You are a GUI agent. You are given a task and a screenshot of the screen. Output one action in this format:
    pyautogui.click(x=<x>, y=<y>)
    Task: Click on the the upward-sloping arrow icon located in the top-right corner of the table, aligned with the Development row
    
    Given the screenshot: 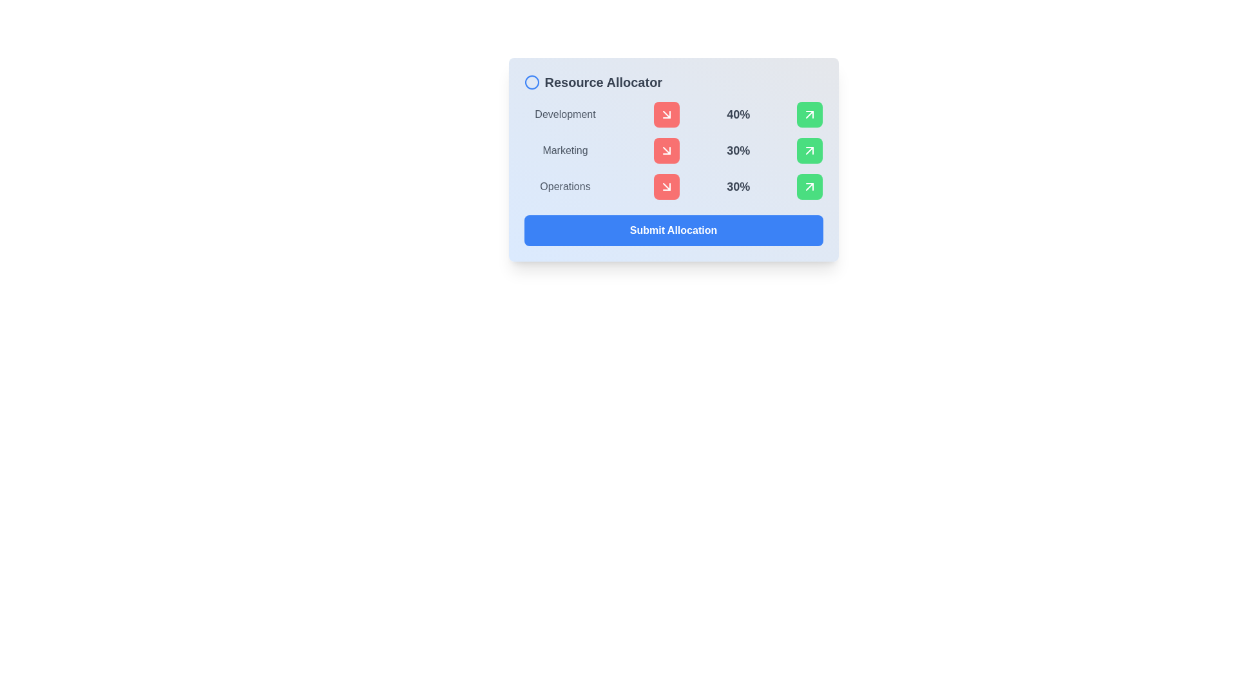 What is the action you would take?
    pyautogui.click(x=809, y=113)
    